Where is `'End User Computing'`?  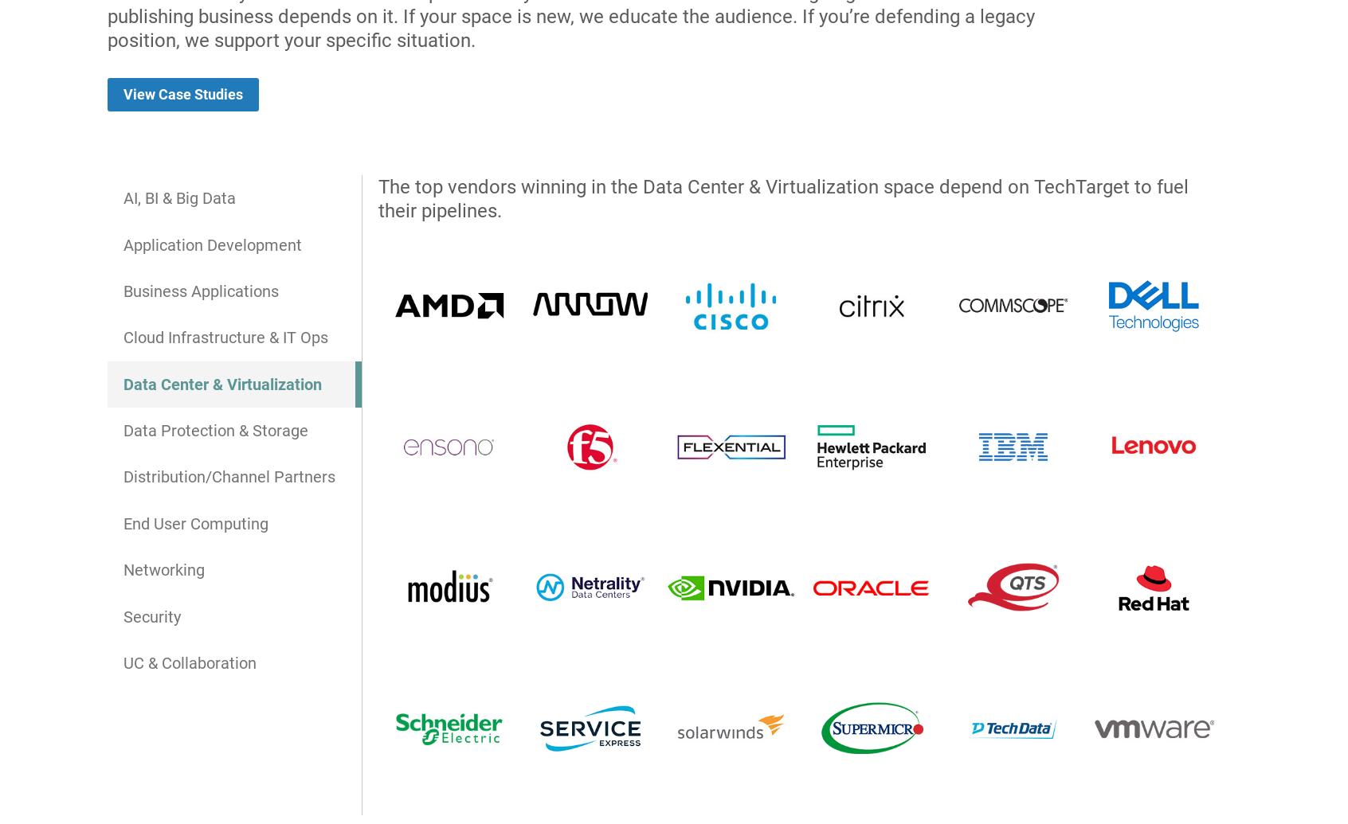 'End User Computing' is located at coordinates (121, 522).